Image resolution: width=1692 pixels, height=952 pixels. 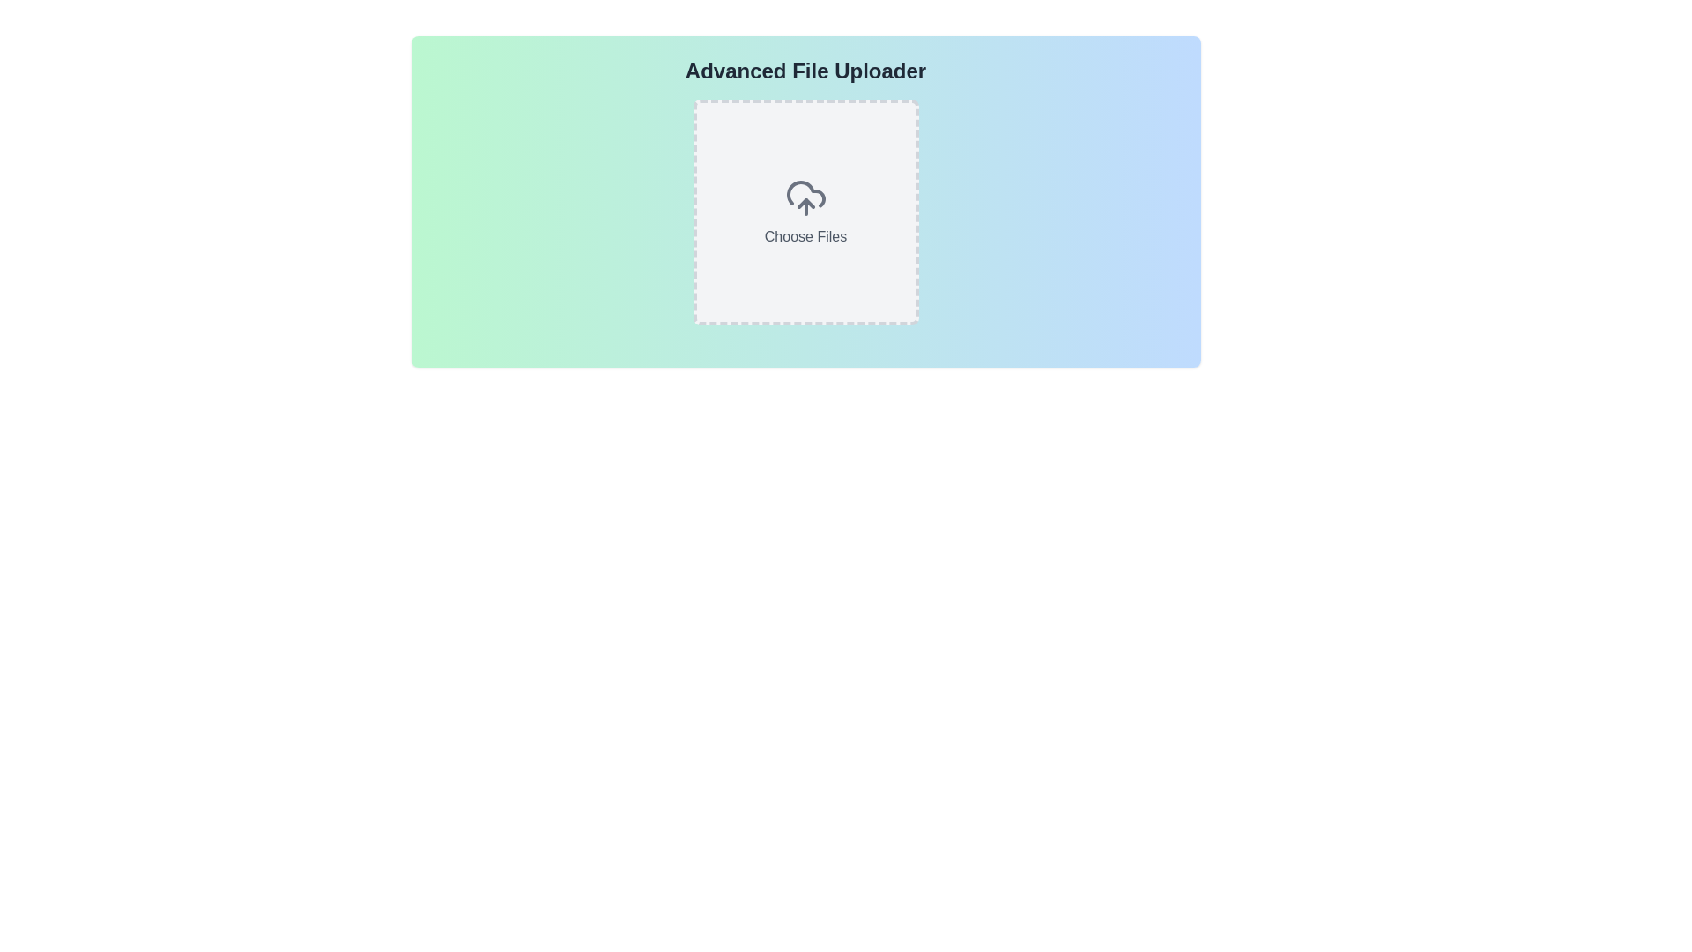 I want to click on the prominently positioned file upload interface, so click(x=805, y=211).